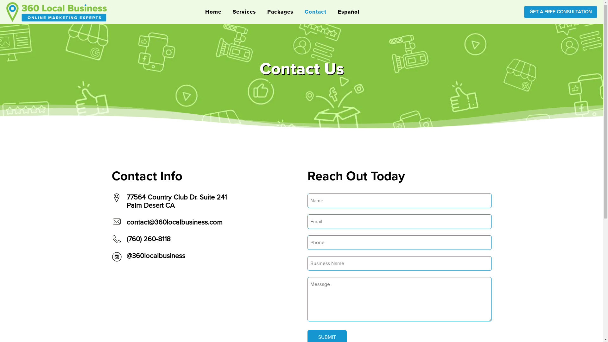 The image size is (608, 342). Describe the element at coordinates (315, 12) in the screenshot. I see `'Contact'` at that location.